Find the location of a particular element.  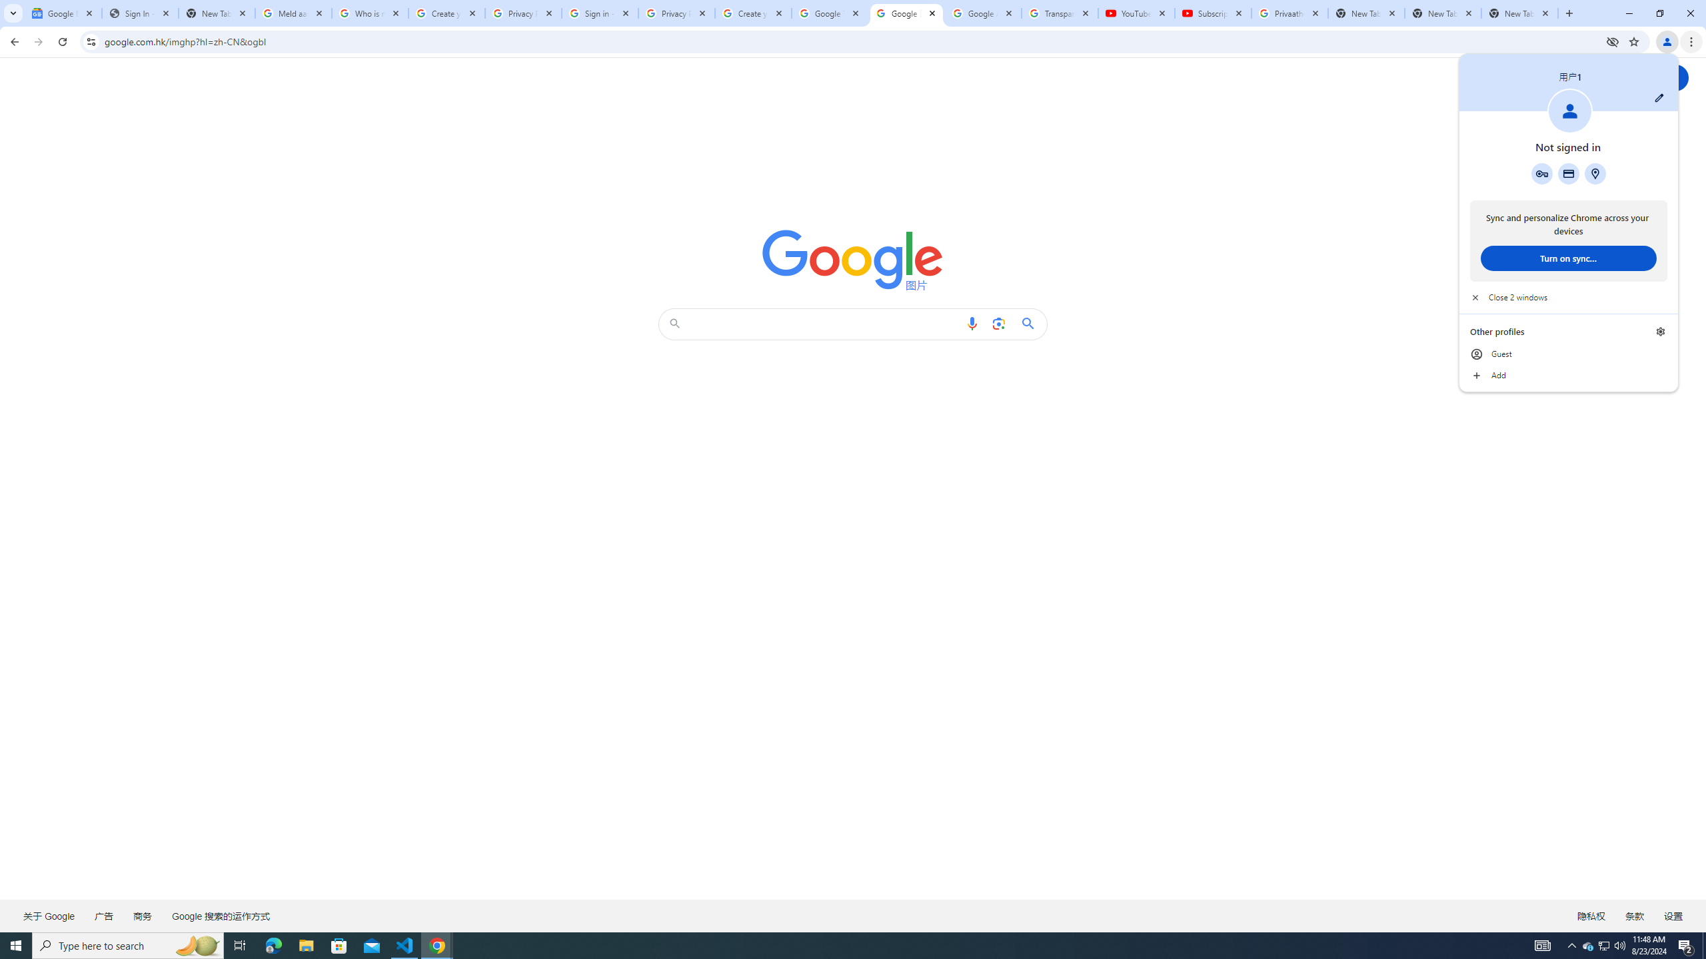

'Google News' is located at coordinates (62, 13).